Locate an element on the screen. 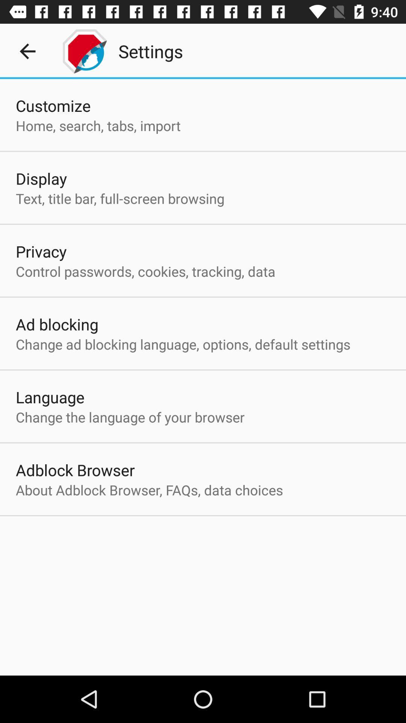 The image size is (406, 723). control passwords cookies item is located at coordinates (145, 271).